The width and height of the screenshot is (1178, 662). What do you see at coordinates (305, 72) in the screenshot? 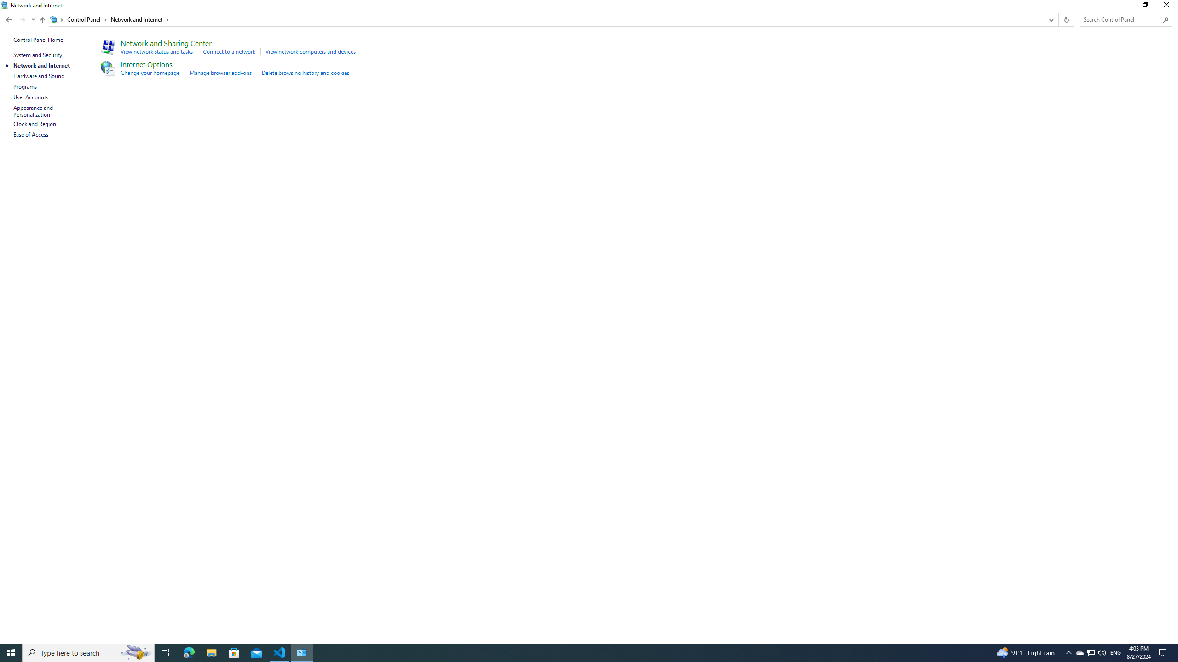
I see `'Delete browsing history and cookies'` at bounding box center [305, 72].